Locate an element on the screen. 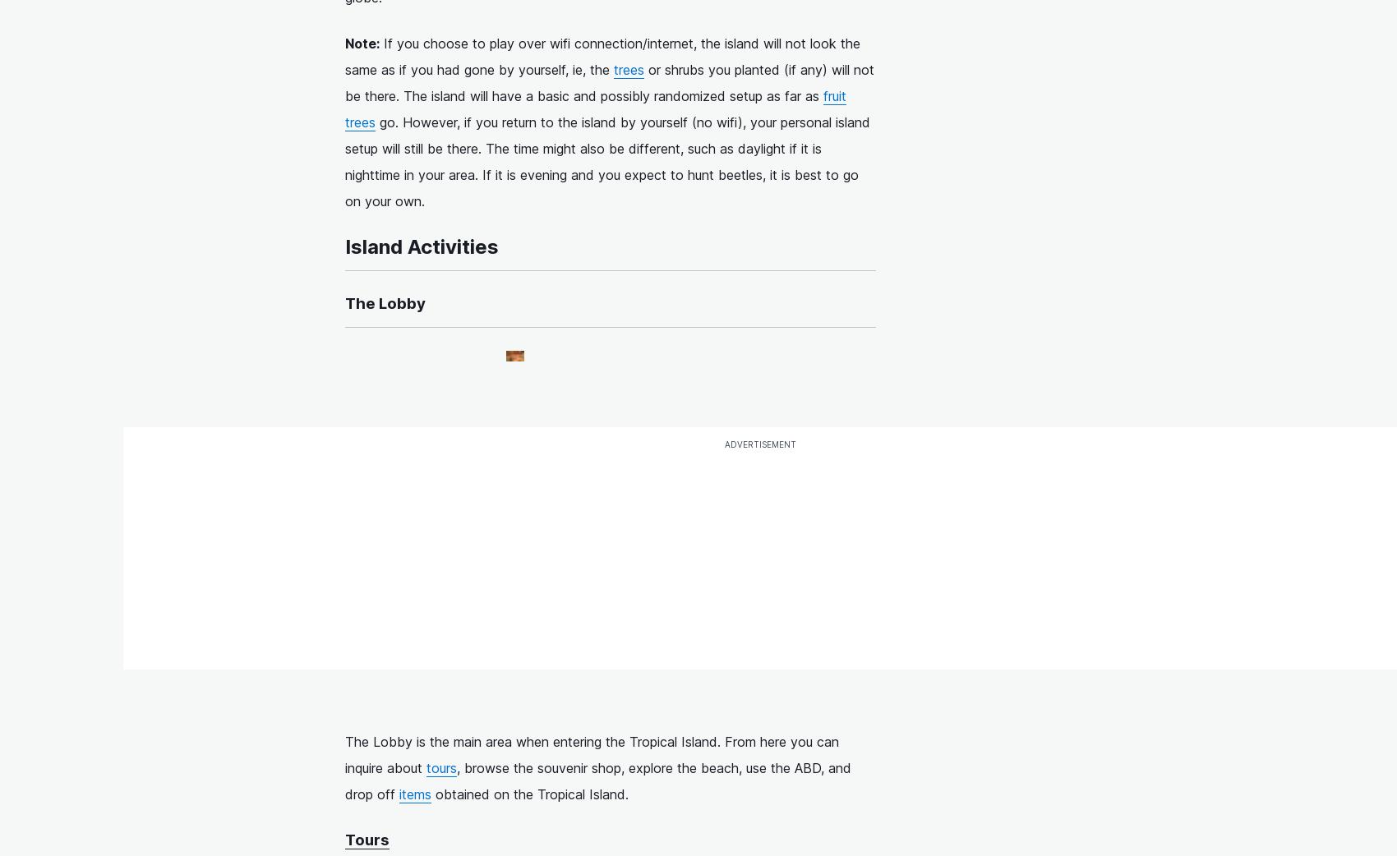 The width and height of the screenshot is (1397, 856). 'or shrubs you planted (if any) will not be there. The island will have a basic and possibly randomized setup as far as' is located at coordinates (610, 82).